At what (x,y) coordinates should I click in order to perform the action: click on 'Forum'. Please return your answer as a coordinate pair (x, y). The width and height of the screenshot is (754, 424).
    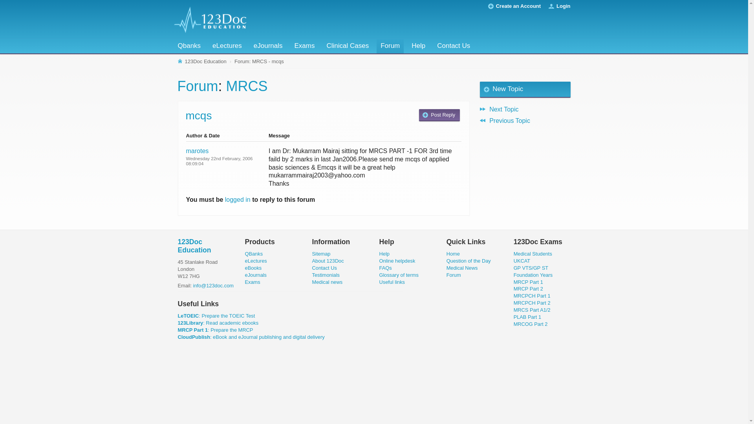
    Looking at the image, I should click on (198, 86).